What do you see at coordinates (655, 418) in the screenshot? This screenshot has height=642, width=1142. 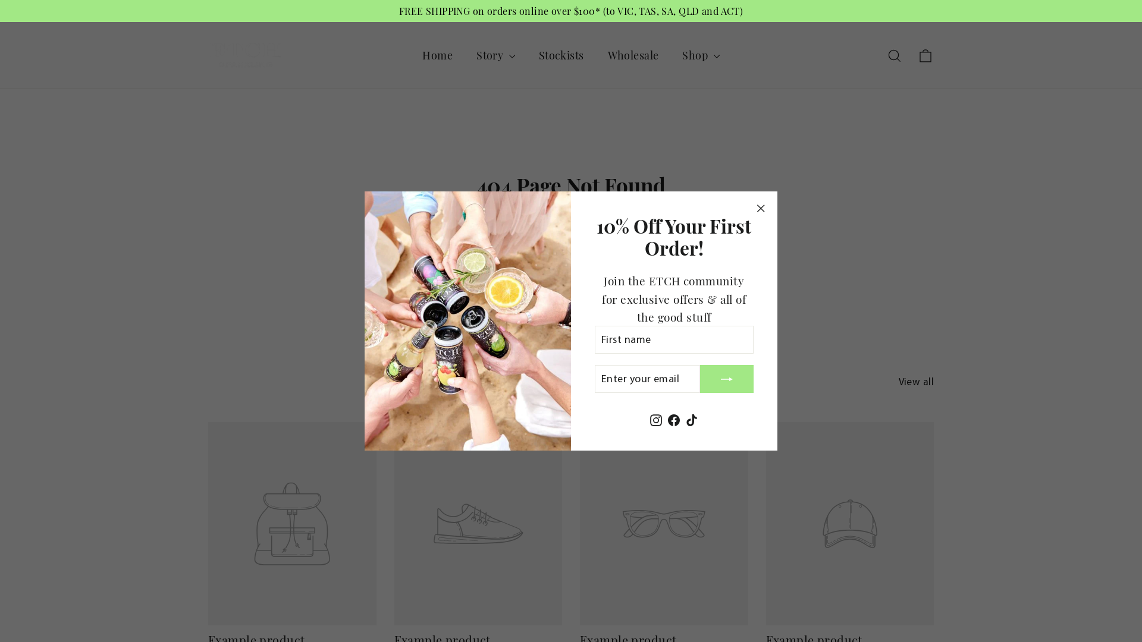 I see `'Instagram'` at bounding box center [655, 418].